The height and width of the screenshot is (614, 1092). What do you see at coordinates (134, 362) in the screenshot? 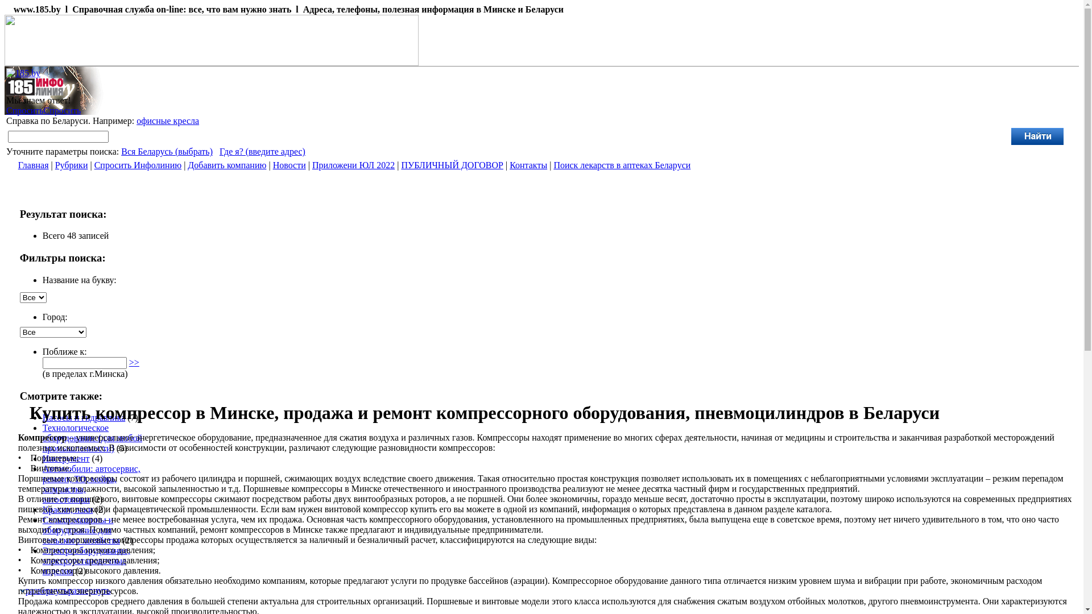
I see `'>>'` at bounding box center [134, 362].